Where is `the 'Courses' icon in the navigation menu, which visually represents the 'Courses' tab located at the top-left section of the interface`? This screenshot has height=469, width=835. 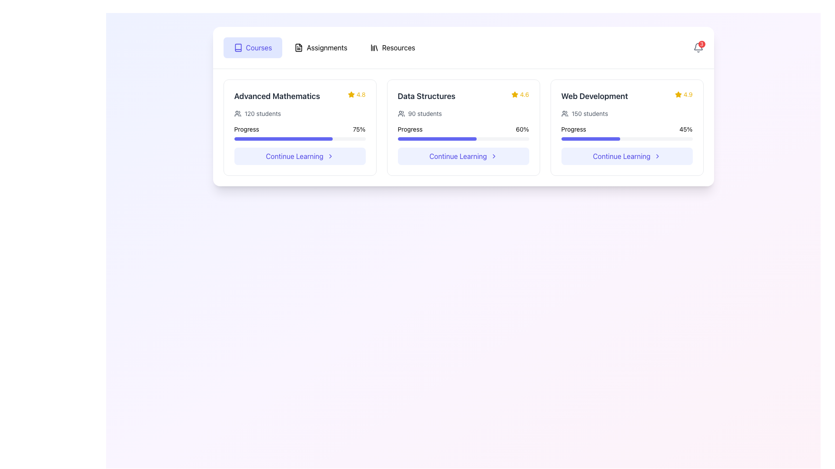 the 'Courses' icon in the navigation menu, which visually represents the 'Courses' tab located at the top-left section of the interface is located at coordinates (238, 48).